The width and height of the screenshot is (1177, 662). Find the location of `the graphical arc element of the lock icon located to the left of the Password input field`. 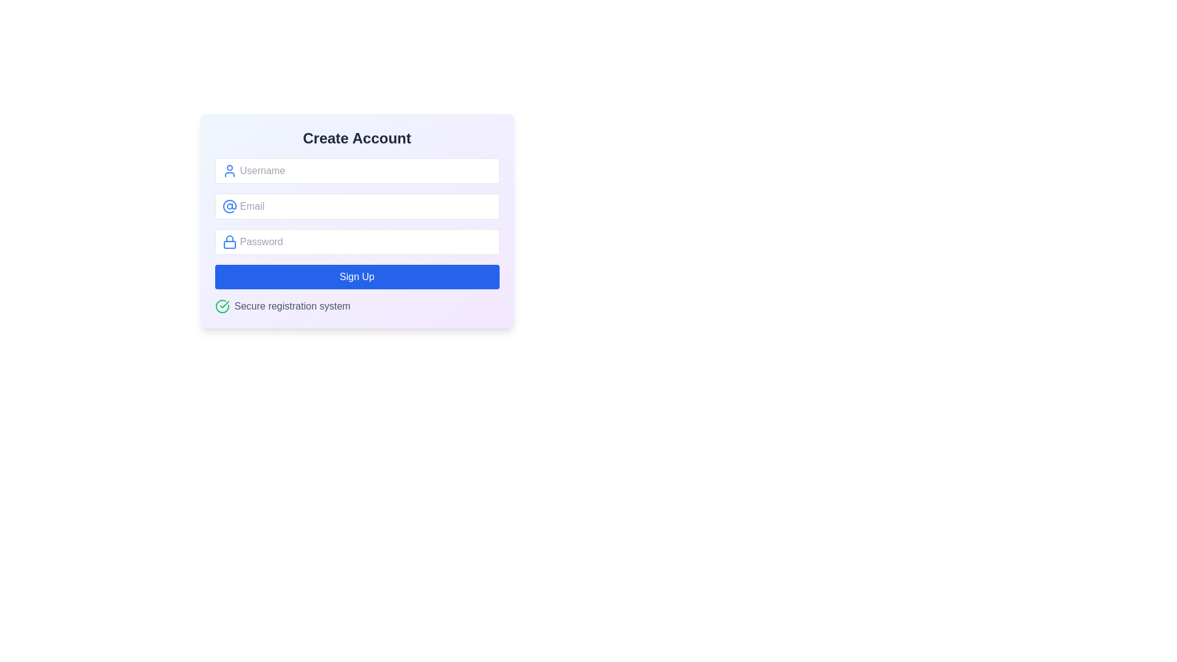

the graphical arc element of the lock icon located to the left of the Password input field is located at coordinates (229, 238).